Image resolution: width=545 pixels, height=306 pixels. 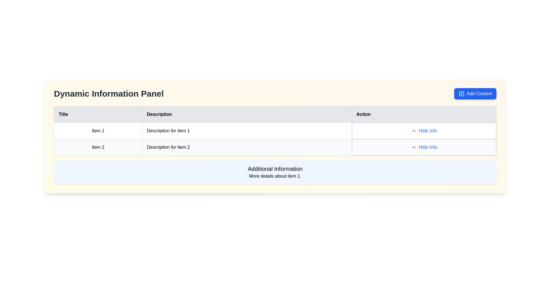 What do you see at coordinates (462, 93) in the screenshot?
I see `the blue 'Add Content' icon located at the top-right corner of the panel, which features a central plus sign and is styled as a rounded square` at bounding box center [462, 93].